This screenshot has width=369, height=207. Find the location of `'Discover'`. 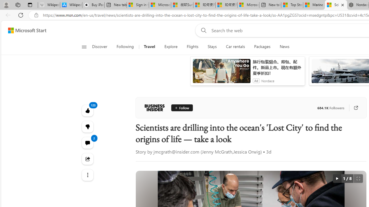

'Discover' is located at coordinates (102, 47).